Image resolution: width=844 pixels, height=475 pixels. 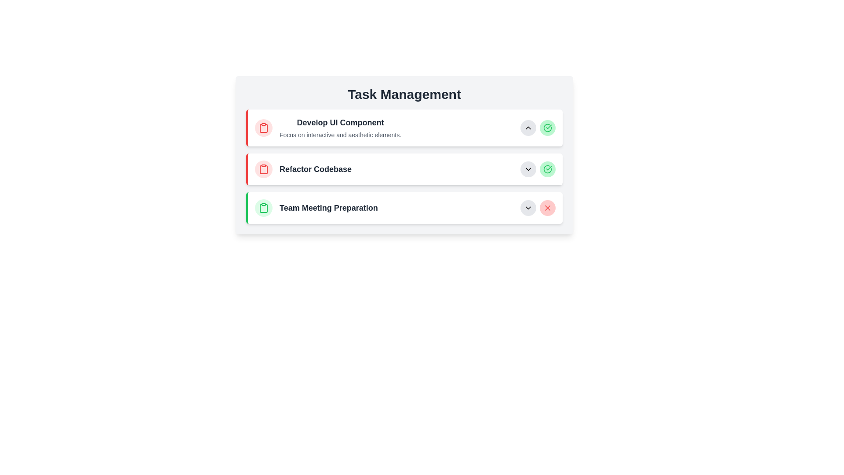 What do you see at coordinates (547, 169) in the screenshot?
I see `the graphic component of the SVG icon indicating the 'completed' state for the third task box labeled 'Team Meeting Preparation'` at bounding box center [547, 169].